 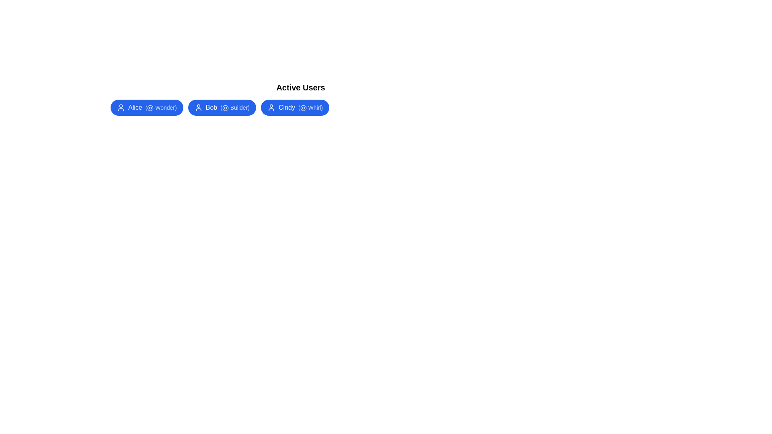 I want to click on the 'Active Users' label, so click(x=300, y=88).